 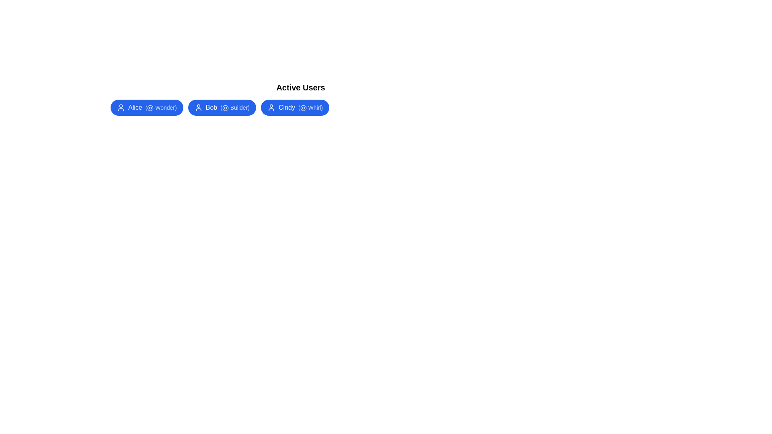 I want to click on the 'Active Users' label, so click(x=300, y=88).